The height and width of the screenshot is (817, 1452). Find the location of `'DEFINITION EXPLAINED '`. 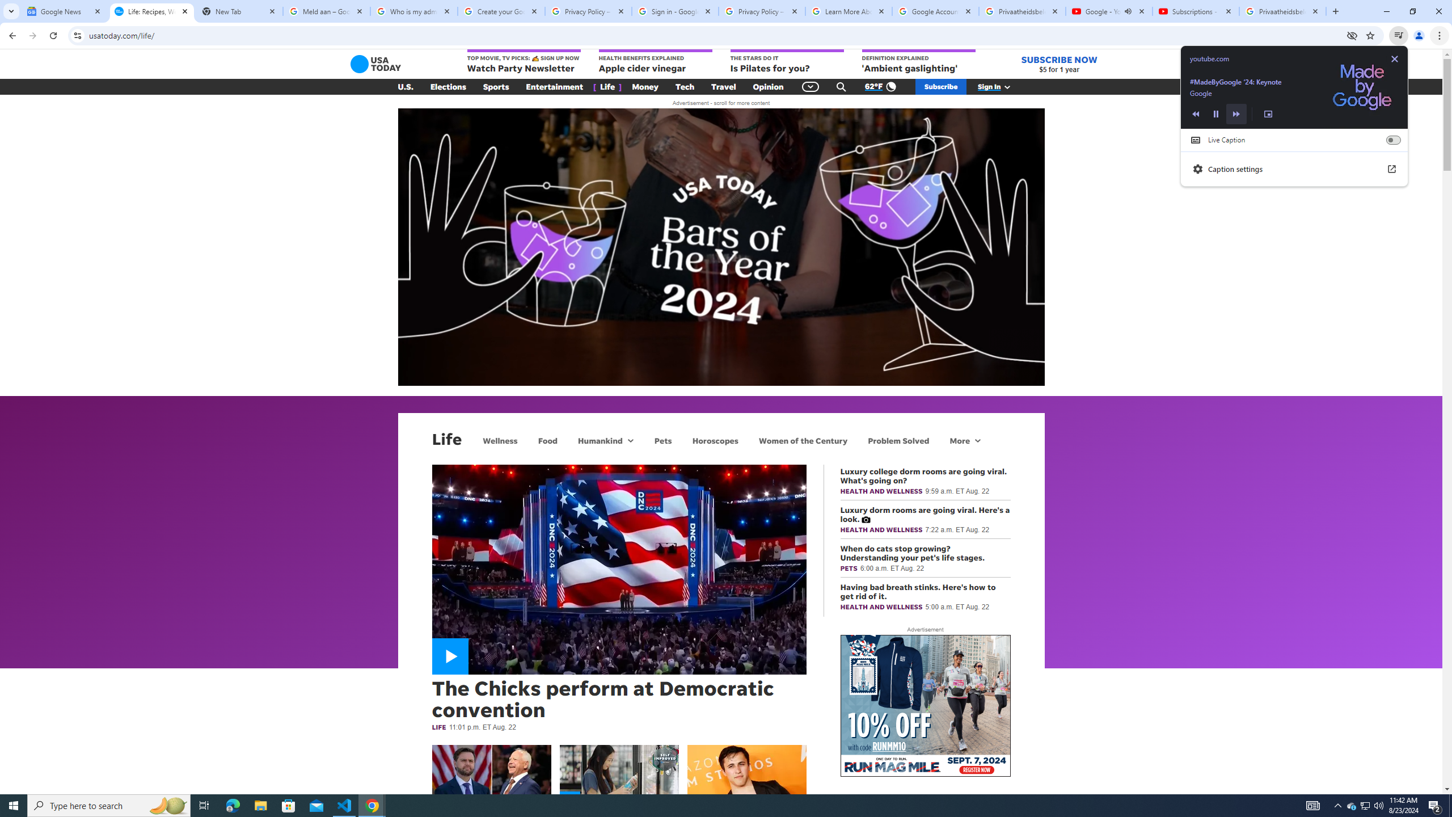

'DEFINITION EXPLAINED ' is located at coordinates (918, 61).